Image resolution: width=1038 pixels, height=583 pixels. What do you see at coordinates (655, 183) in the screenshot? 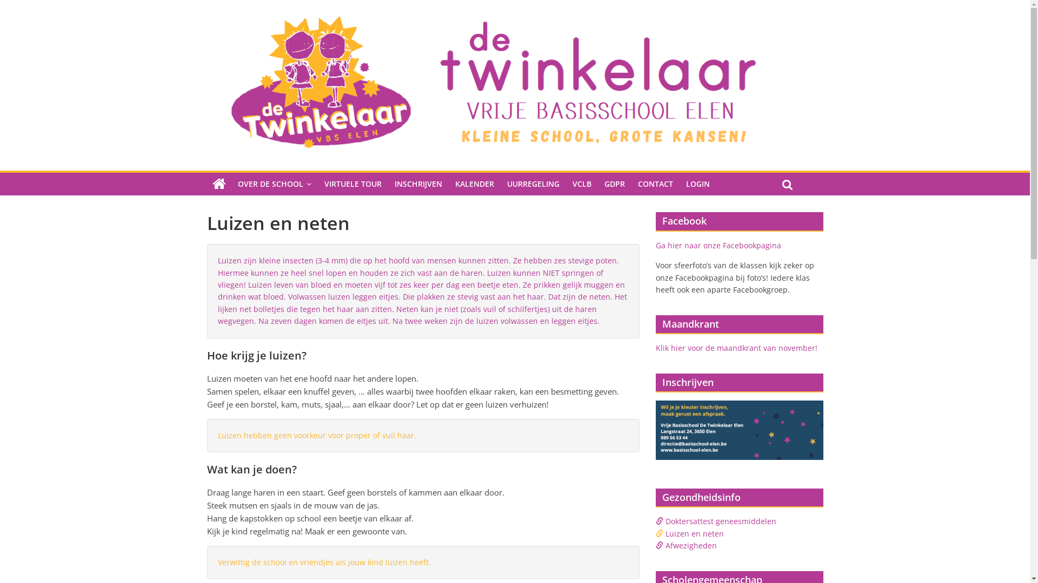
I see `'CONTACT'` at bounding box center [655, 183].